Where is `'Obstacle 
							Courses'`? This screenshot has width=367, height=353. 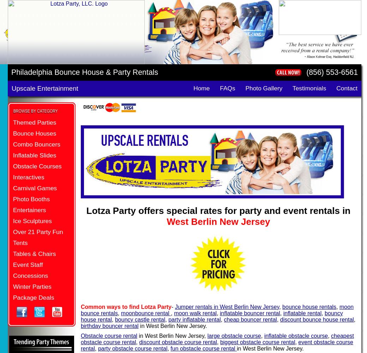 'Obstacle 
							Courses' is located at coordinates (13, 166).